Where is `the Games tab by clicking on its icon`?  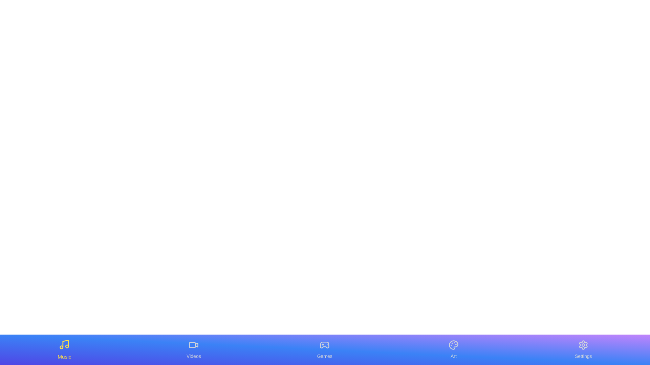 the Games tab by clicking on its icon is located at coordinates (324, 349).